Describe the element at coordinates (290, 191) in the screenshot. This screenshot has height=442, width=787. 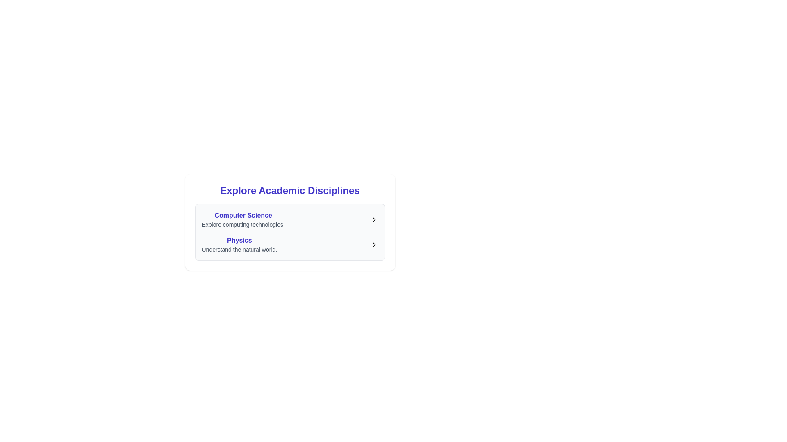
I see `the section header that introduces the content about academic disciplines, located in the upper half of the white card component with rounded corners and a shadow effect` at that location.